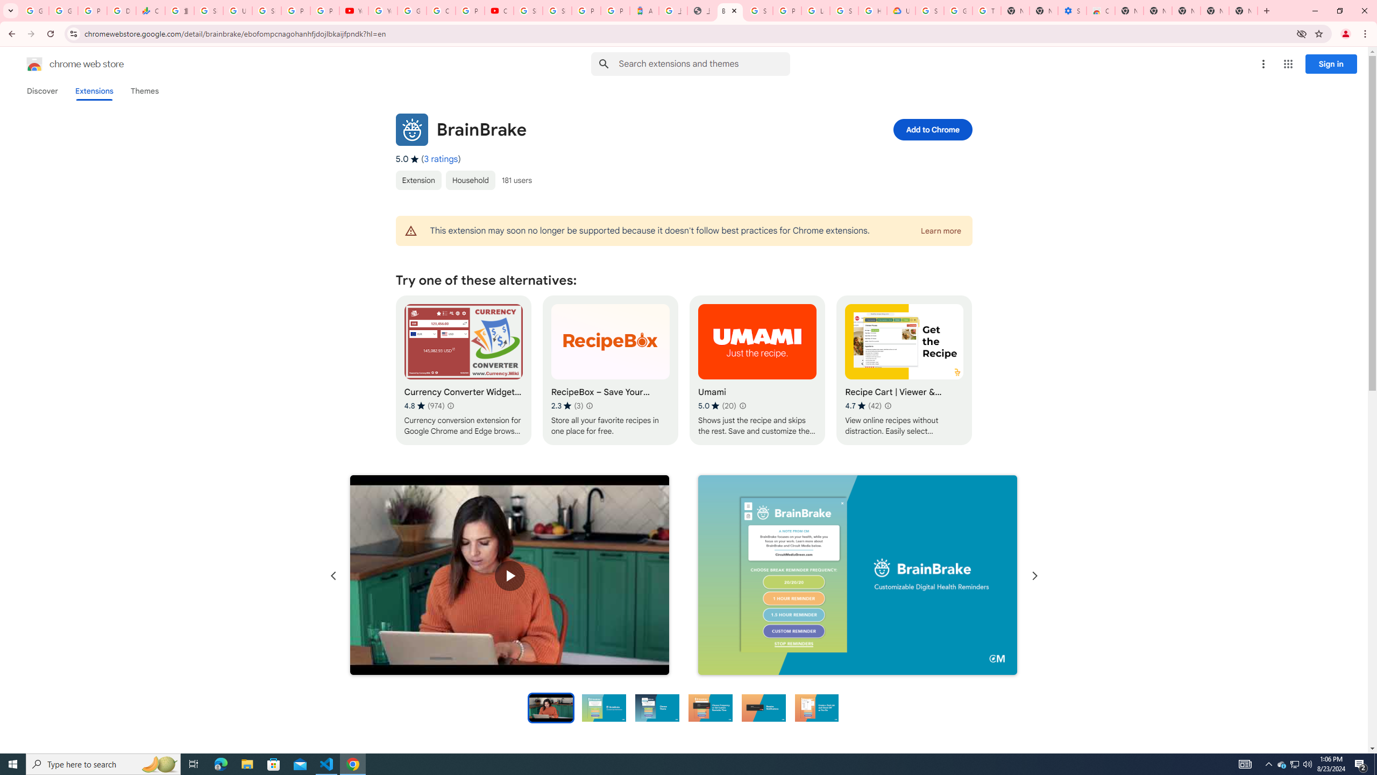 Image resolution: width=1377 pixels, height=775 pixels. I want to click on 'Discover', so click(41, 90).